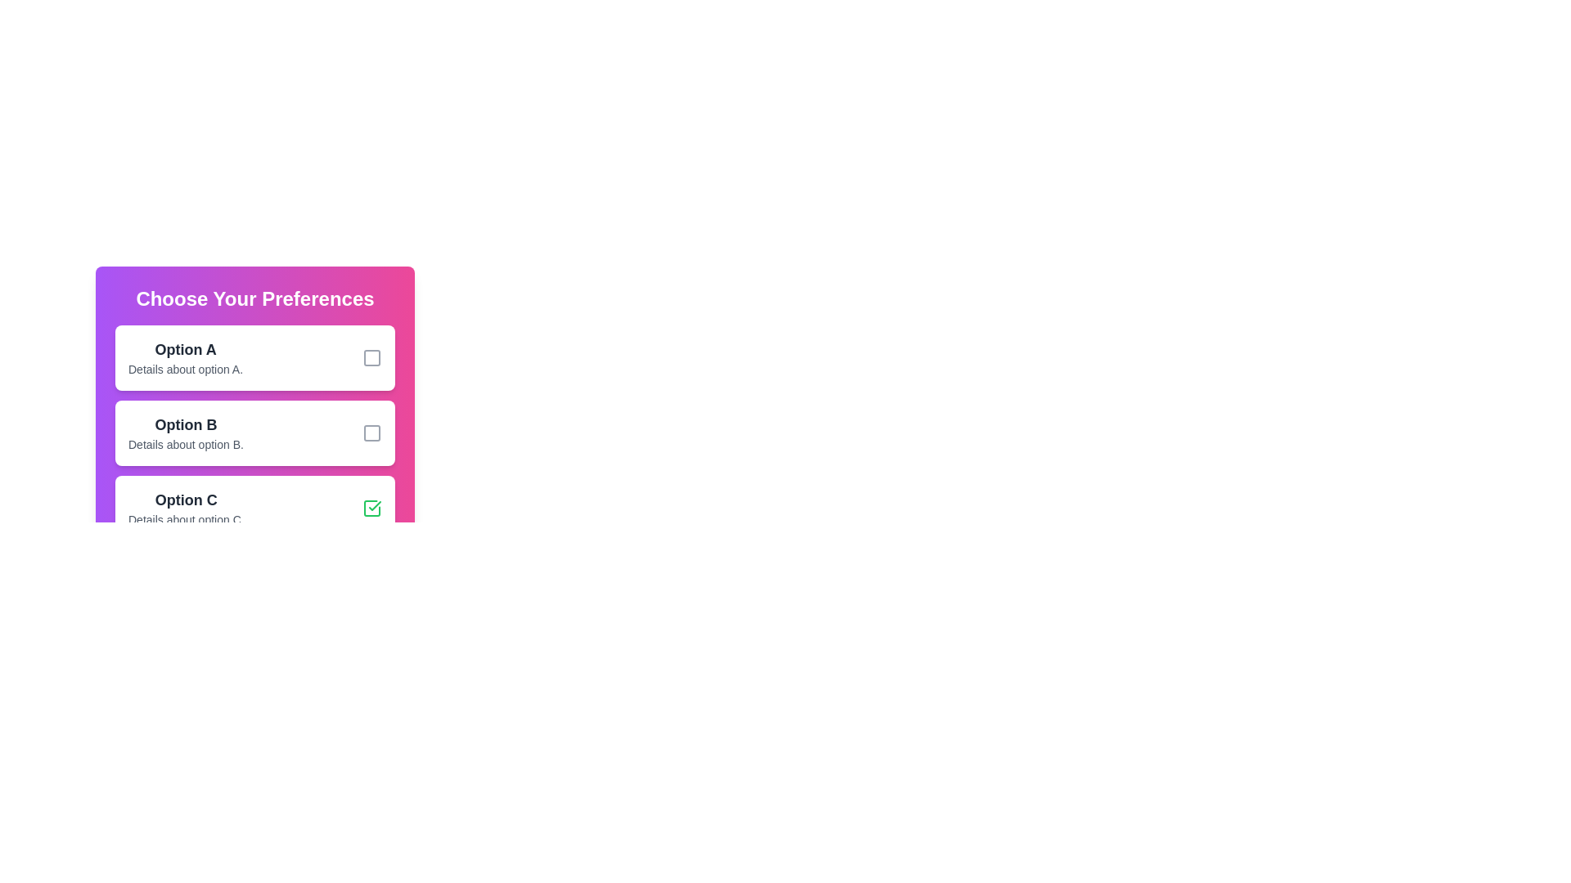 This screenshot has height=883, width=1571. I want to click on the text label reading 'Details about option C.', which is styled in a smaller font size and grayish color, located directly beneath the text 'Option C', so click(186, 520).